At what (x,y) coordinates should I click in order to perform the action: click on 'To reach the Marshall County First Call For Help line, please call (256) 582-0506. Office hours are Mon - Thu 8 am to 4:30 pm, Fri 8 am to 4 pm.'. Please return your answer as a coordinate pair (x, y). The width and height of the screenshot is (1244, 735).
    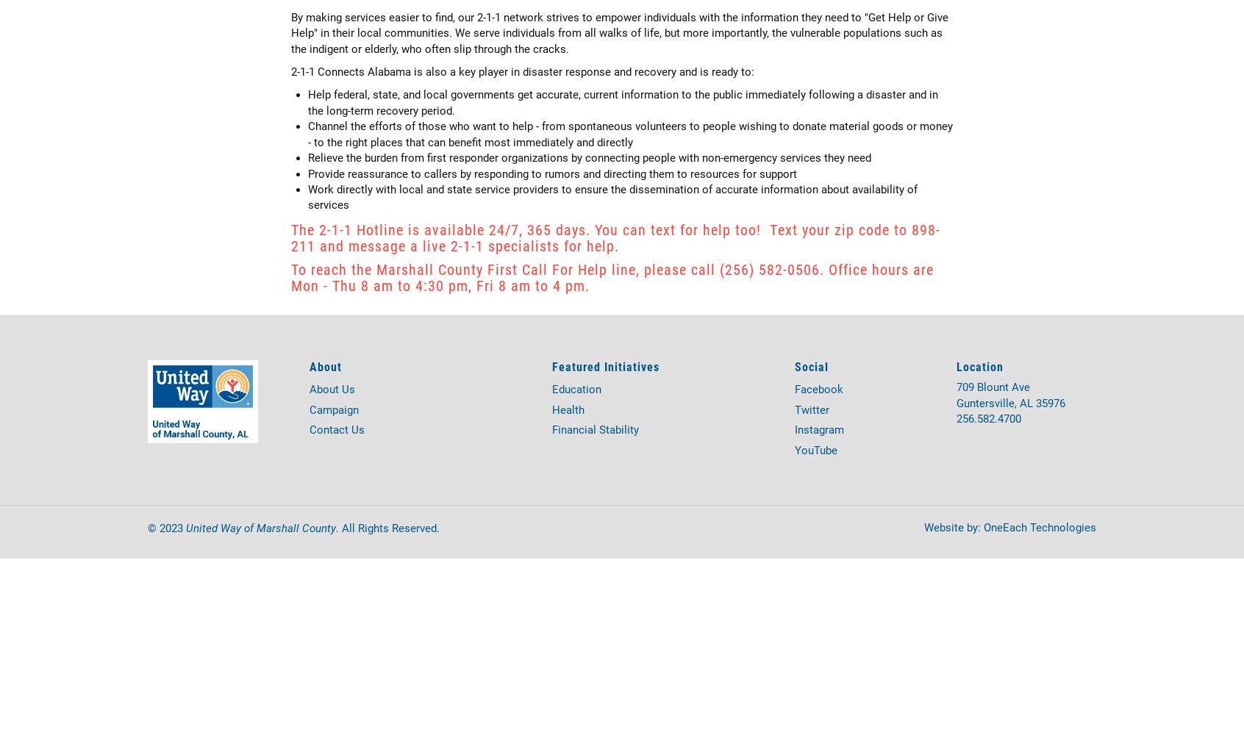
    Looking at the image, I should click on (612, 276).